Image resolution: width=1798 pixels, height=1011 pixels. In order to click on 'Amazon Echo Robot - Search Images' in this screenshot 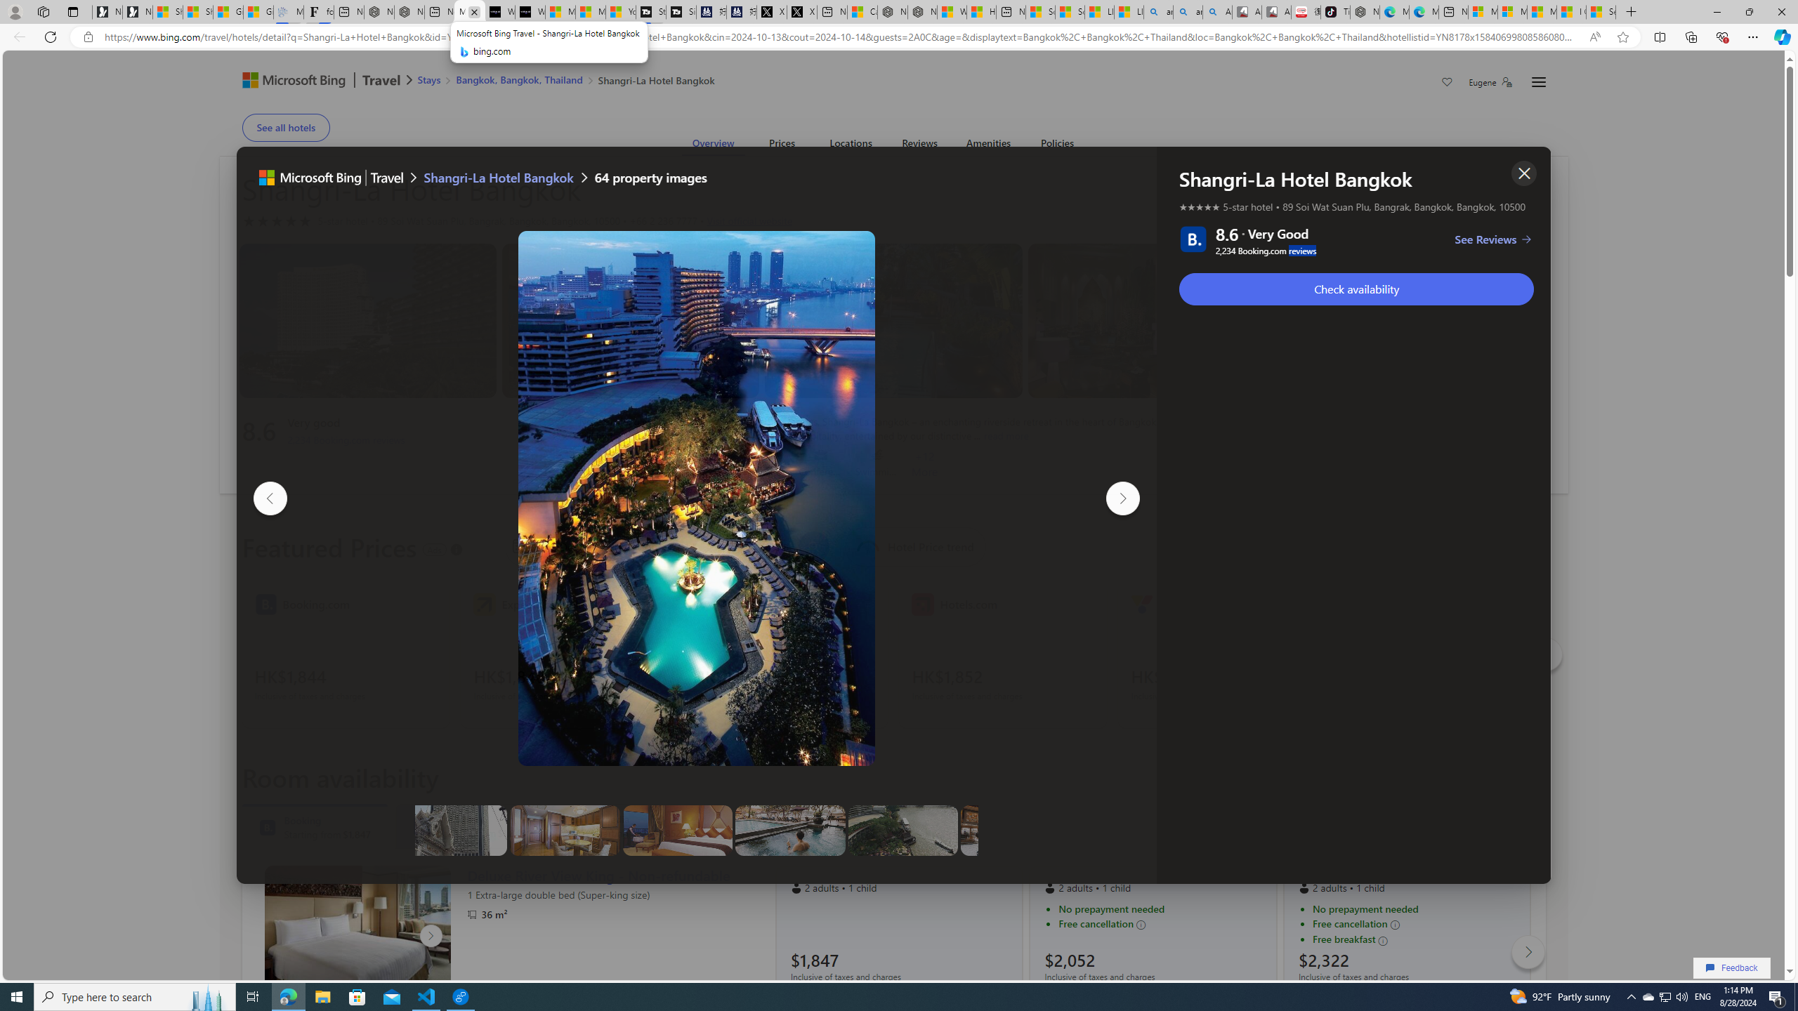, I will do `click(1217, 11)`.